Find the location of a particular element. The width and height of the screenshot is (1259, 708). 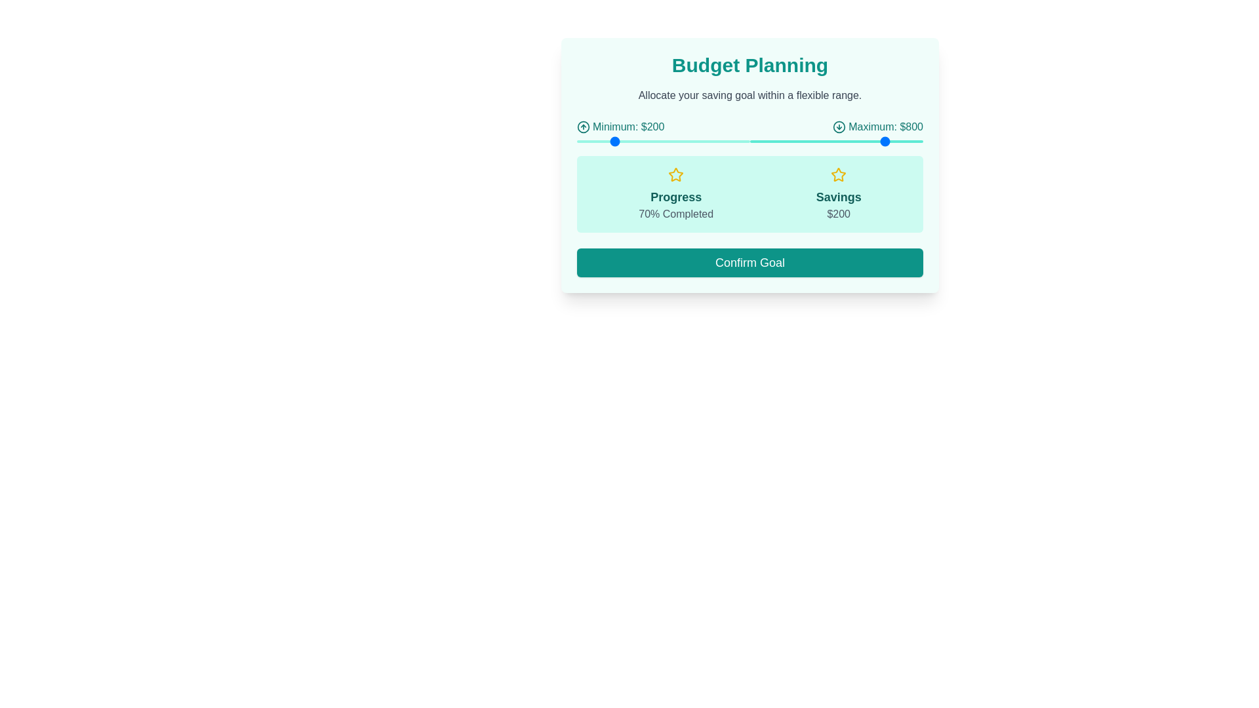

the 'Savings' text label, which is displayed in a bold teal font and positioned above the monetary value '$200' is located at coordinates (838, 197).